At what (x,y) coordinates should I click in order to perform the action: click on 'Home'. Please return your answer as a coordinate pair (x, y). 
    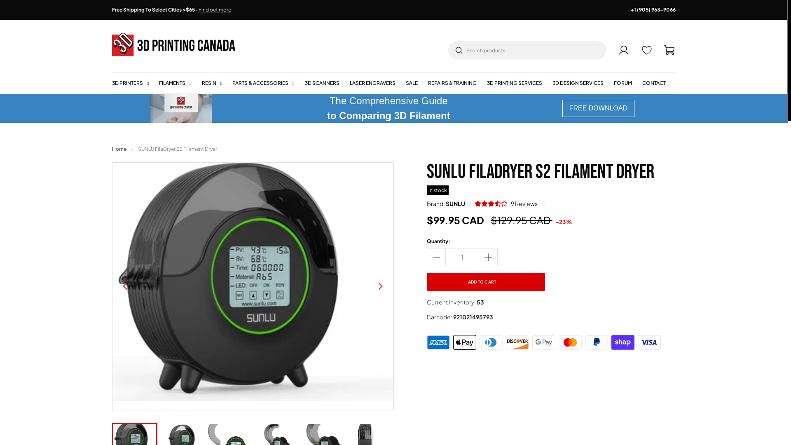
    Looking at the image, I should click on (119, 149).